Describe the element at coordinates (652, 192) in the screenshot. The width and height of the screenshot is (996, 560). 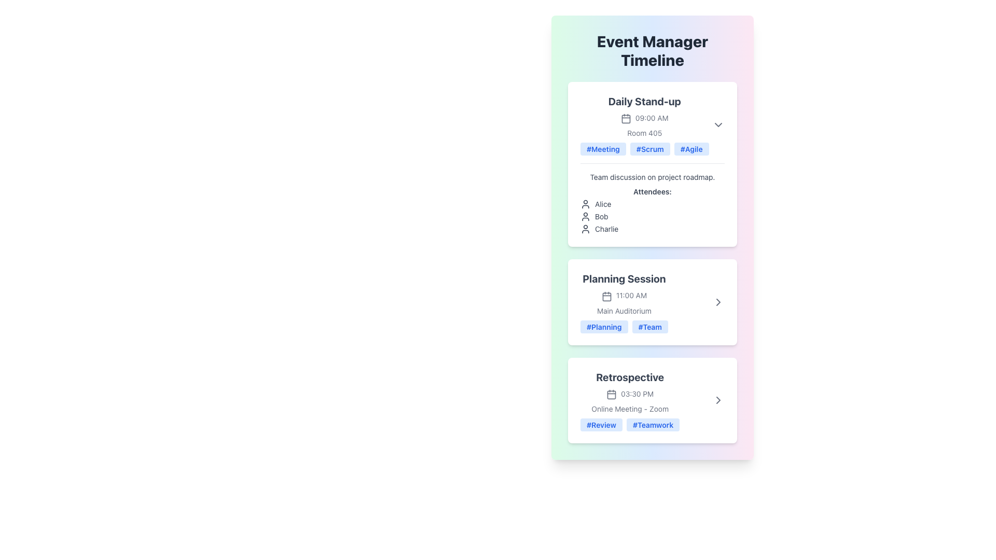
I see `the text label that serves as a heading for the list of attendees in the 'Daily Stand-up' event card, located below the description 'Team discussion on project roadmap.'` at that location.